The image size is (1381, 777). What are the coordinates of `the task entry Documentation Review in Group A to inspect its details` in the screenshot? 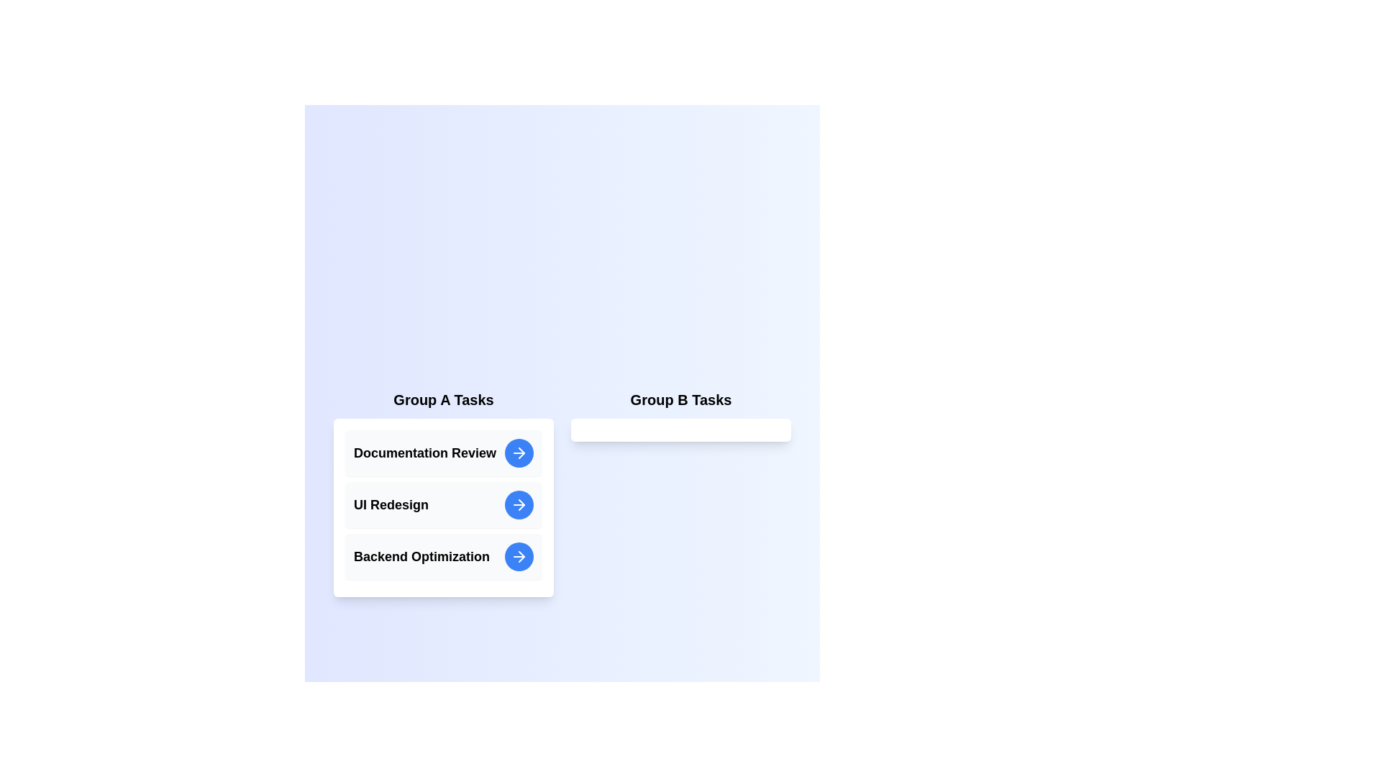 It's located at (443, 452).